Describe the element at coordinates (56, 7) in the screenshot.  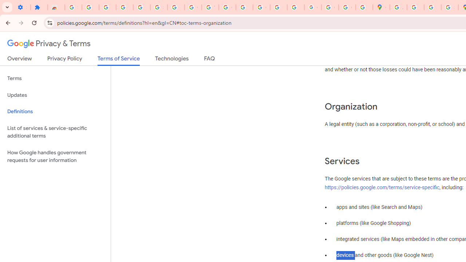
I see `'Reviews: Helix Fruit Jump Arcade Game'` at that location.